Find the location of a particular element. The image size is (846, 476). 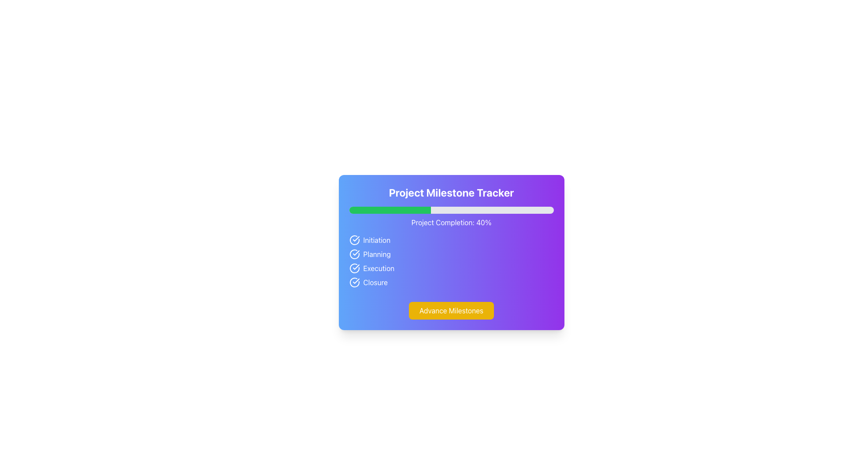

the Status indicator icon, which is a blue circular icon with a check symbol, positioned to the left of the 'Initiation' text in the milestone tracker is located at coordinates (356, 240).